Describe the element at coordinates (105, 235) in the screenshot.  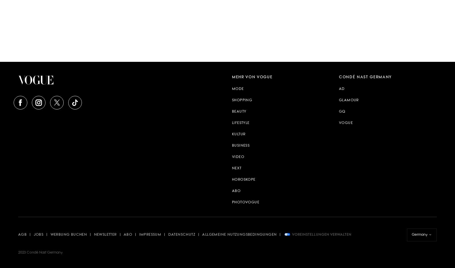
I see `'Newsletter'` at that location.